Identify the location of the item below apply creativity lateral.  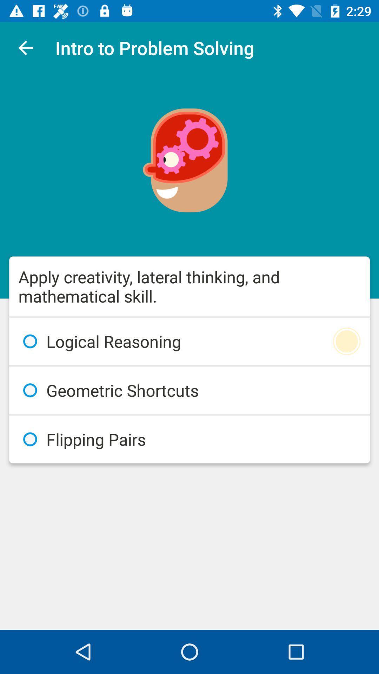
(189, 341).